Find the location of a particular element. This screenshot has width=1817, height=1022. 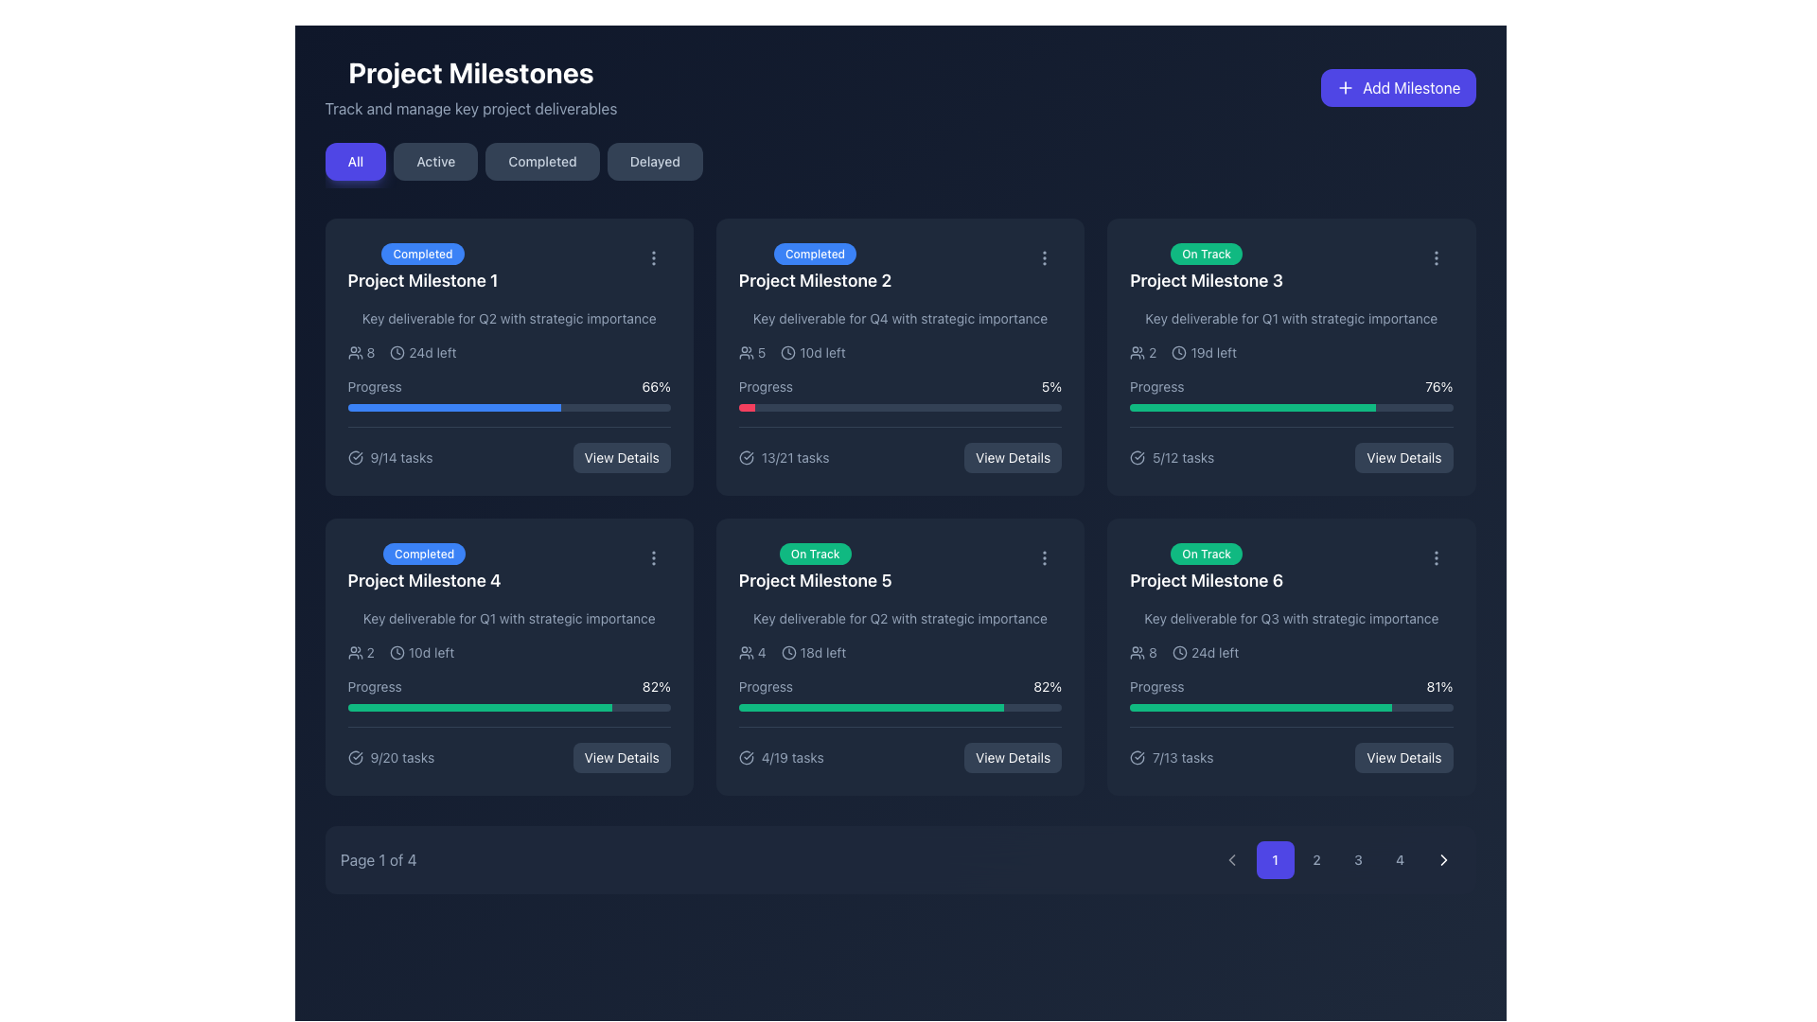

heading text element at the top of the interface that serves as a title for managing and tracking project milestones is located at coordinates (470, 72).